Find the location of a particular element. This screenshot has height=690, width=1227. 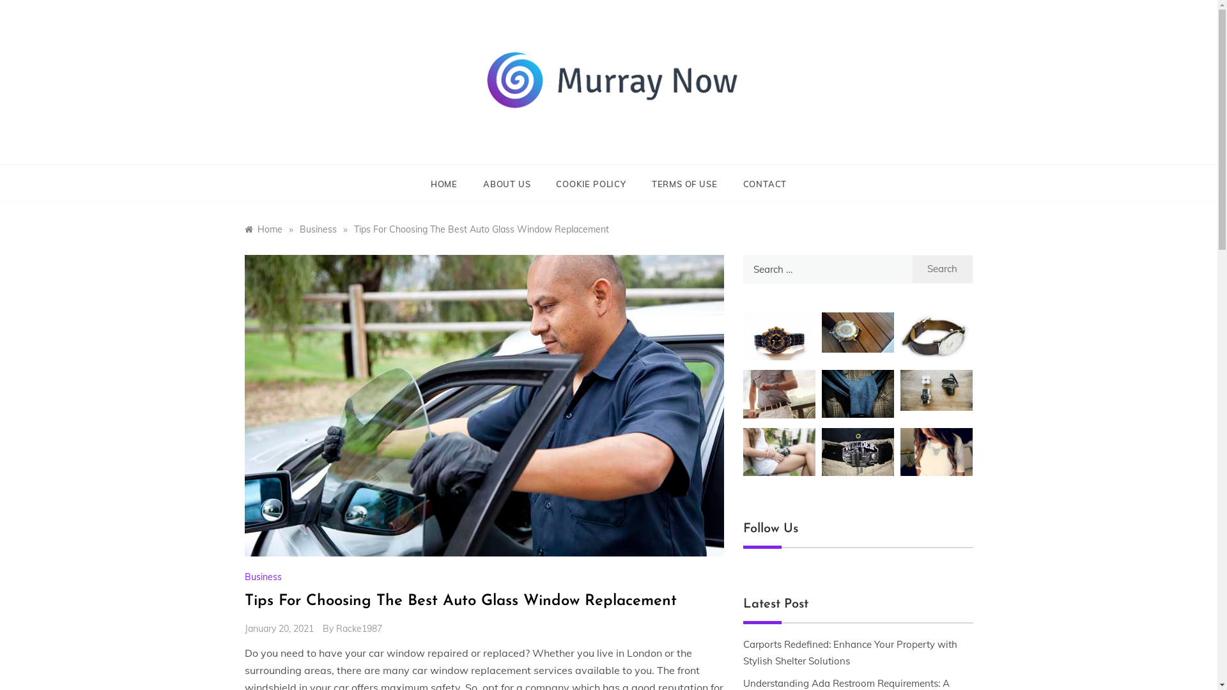

'Business' is located at coordinates (244, 576).